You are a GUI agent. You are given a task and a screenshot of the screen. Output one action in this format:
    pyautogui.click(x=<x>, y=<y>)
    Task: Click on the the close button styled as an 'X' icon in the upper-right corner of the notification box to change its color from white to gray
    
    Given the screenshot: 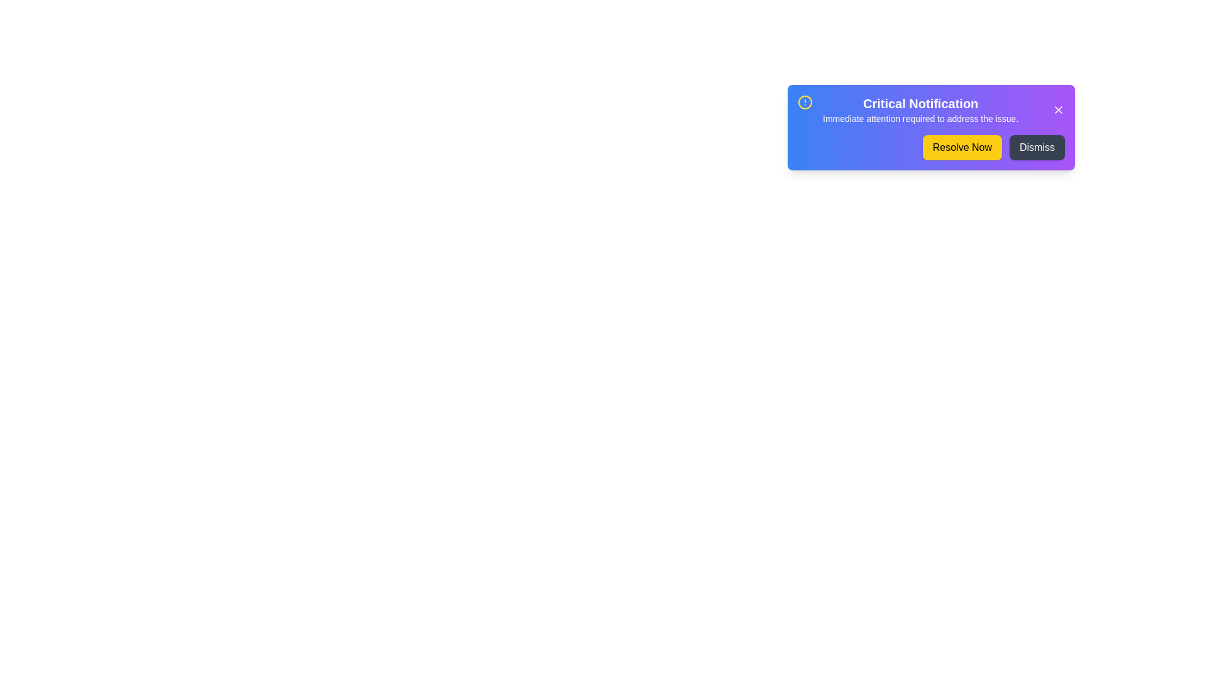 What is the action you would take?
    pyautogui.click(x=1058, y=109)
    